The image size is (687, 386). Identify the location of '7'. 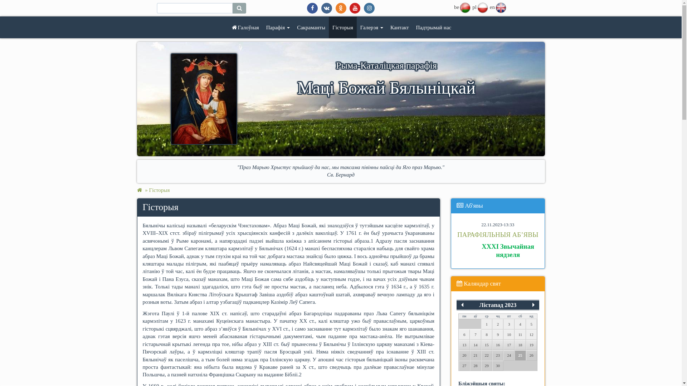
(470, 335).